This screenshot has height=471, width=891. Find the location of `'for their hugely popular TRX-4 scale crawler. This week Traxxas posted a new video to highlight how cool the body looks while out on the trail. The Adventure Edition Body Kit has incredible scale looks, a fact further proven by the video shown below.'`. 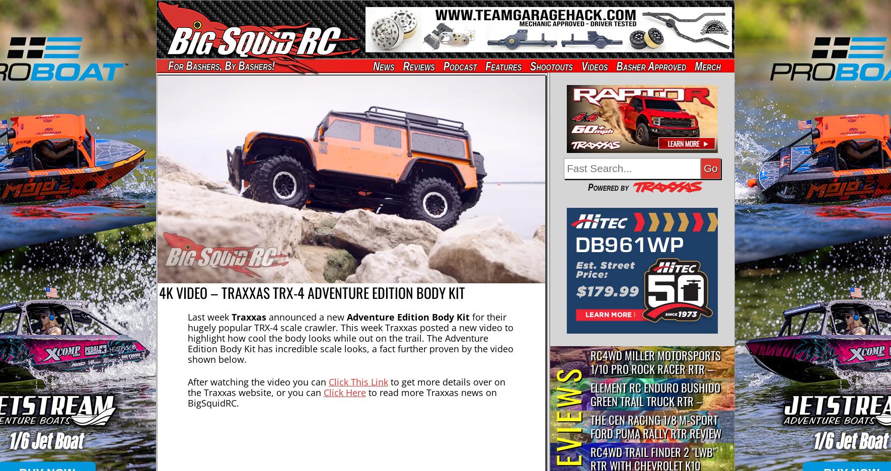

'for their hugely popular TRX-4 scale crawler. This week Traxxas posted a new video to highlight how cool the body looks while out on the trail. The Adventure Edition Body Kit has incredible scale looks, a fact further proven by the video shown below.' is located at coordinates (350, 338).